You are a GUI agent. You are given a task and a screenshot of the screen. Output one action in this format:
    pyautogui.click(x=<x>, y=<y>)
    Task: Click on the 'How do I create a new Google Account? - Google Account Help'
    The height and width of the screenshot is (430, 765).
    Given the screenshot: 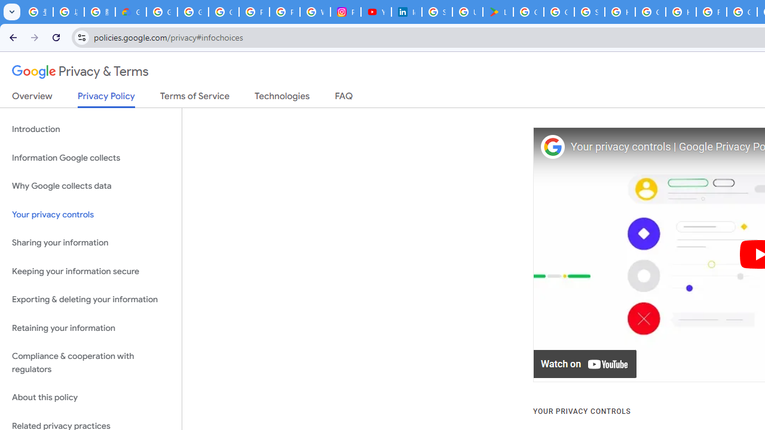 What is the action you would take?
    pyautogui.click(x=681, y=12)
    